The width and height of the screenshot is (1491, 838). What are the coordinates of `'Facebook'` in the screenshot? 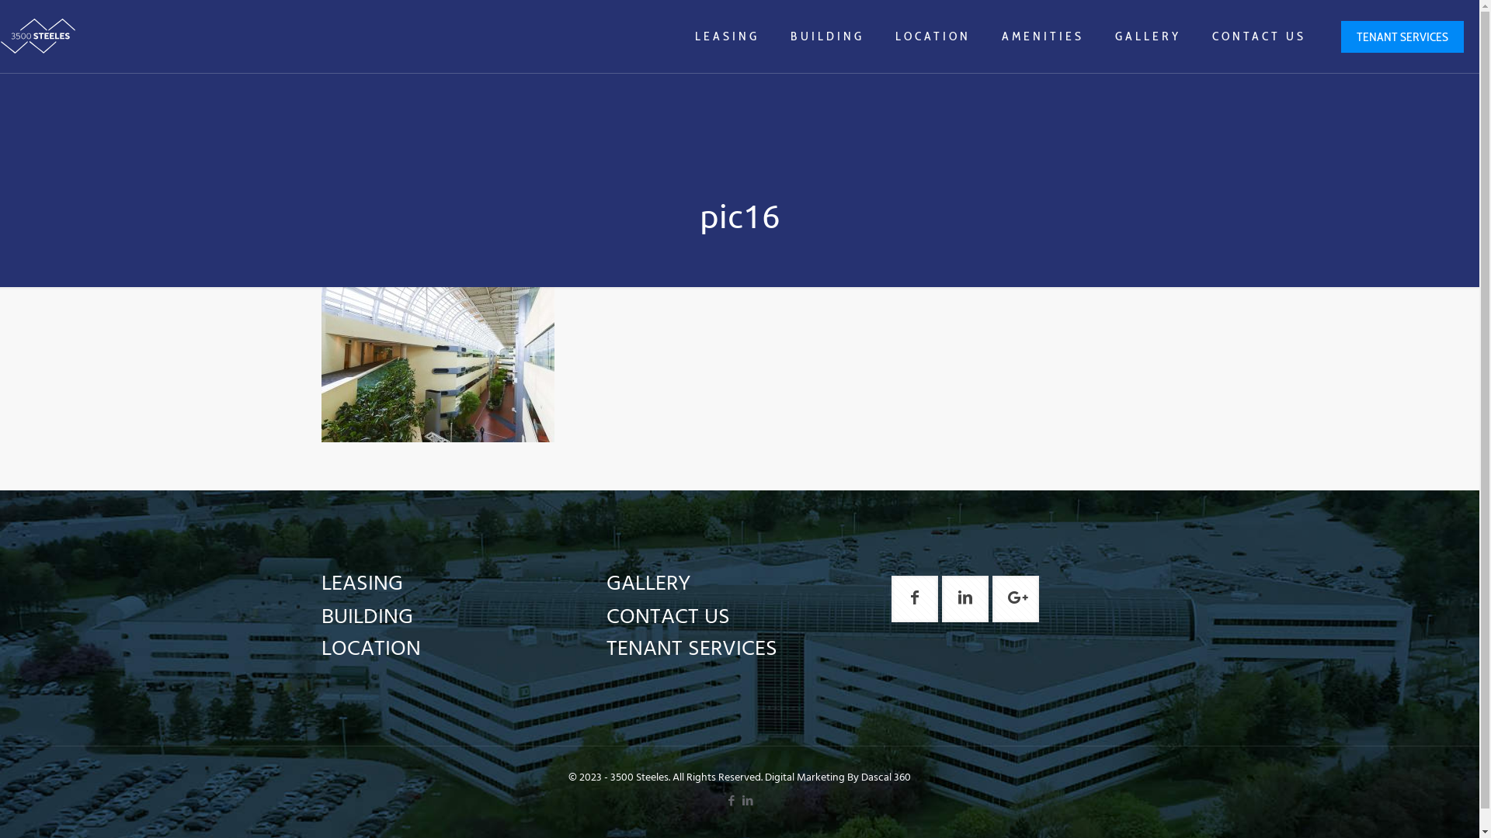 It's located at (730, 802).